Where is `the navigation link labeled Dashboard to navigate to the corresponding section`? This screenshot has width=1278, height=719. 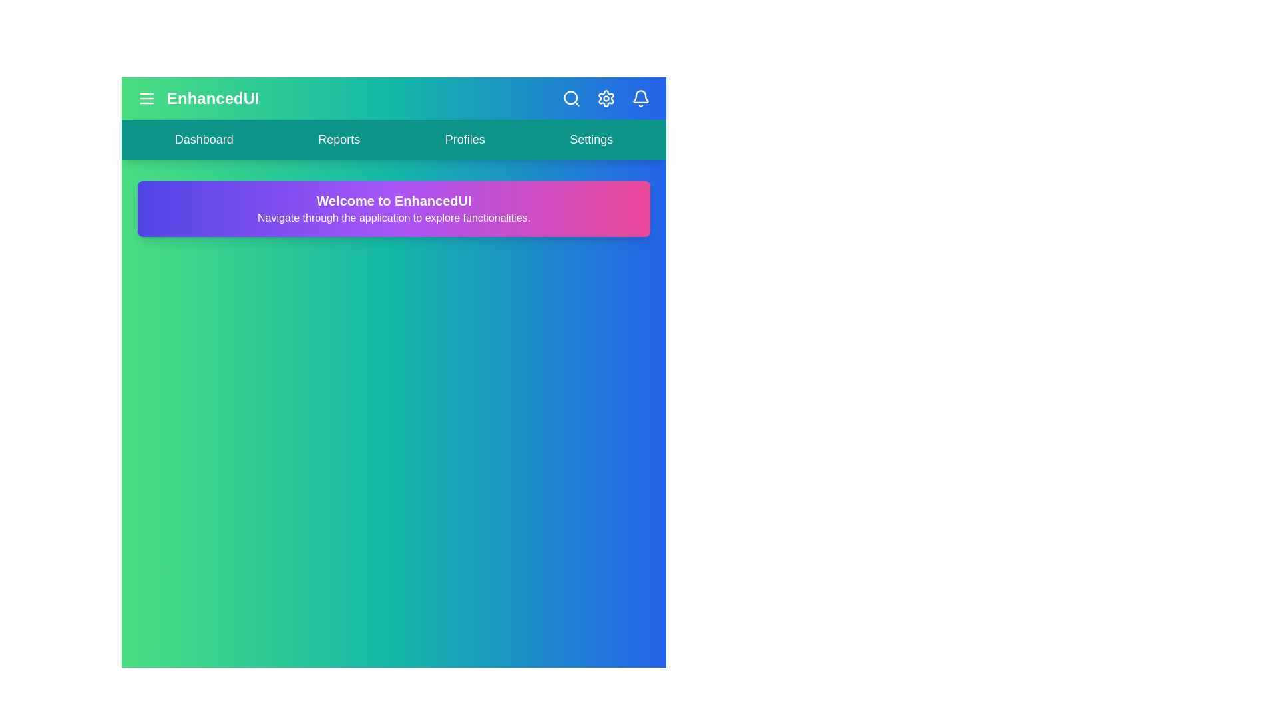
the navigation link labeled Dashboard to navigate to the corresponding section is located at coordinates (203, 139).